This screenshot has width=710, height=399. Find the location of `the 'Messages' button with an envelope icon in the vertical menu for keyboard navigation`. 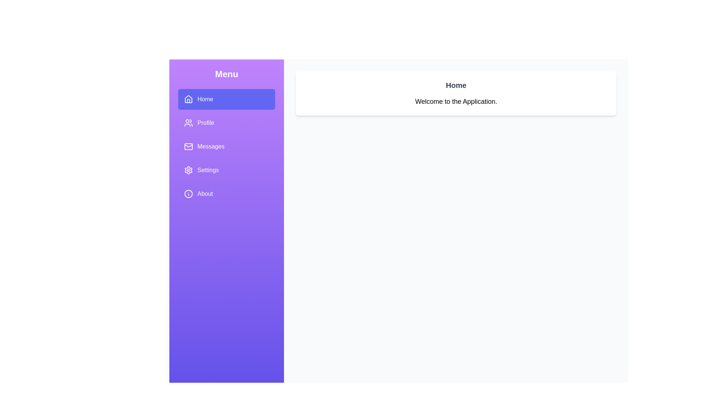

the 'Messages' button with an envelope icon in the vertical menu for keyboard navigation is located at coordinates (226, 147).